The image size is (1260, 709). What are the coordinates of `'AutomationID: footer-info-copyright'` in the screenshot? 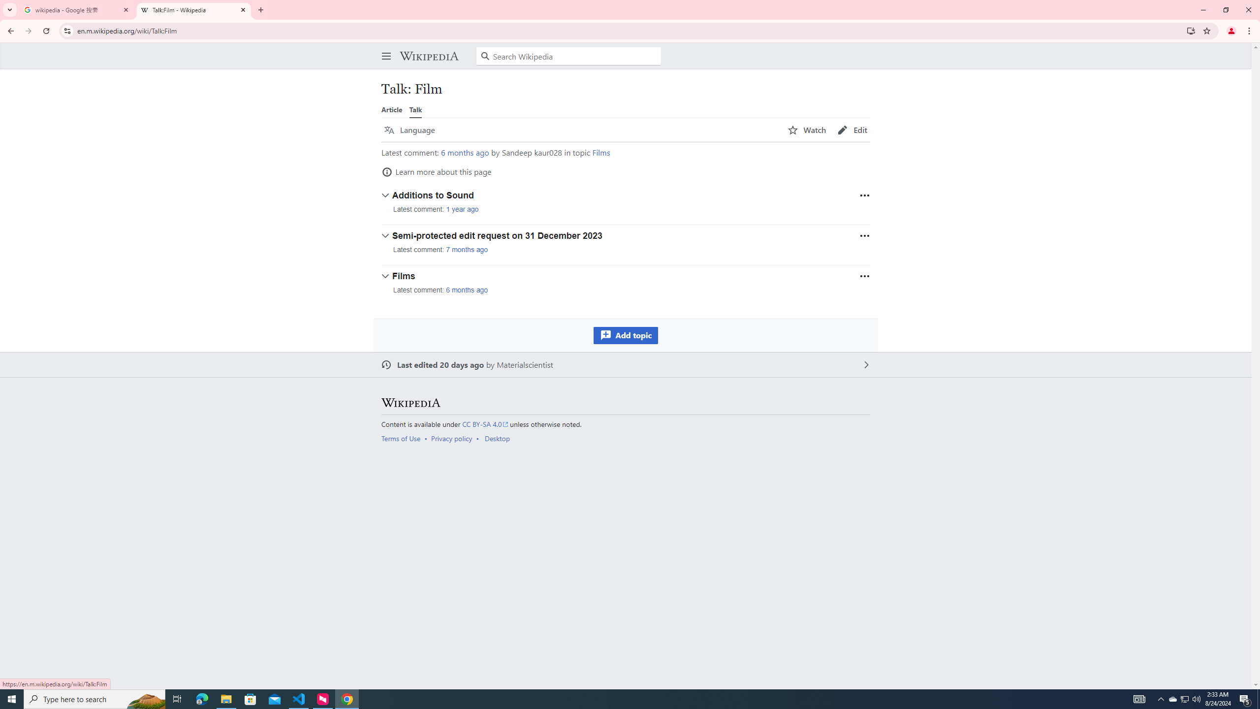 It's located at (624, 424).